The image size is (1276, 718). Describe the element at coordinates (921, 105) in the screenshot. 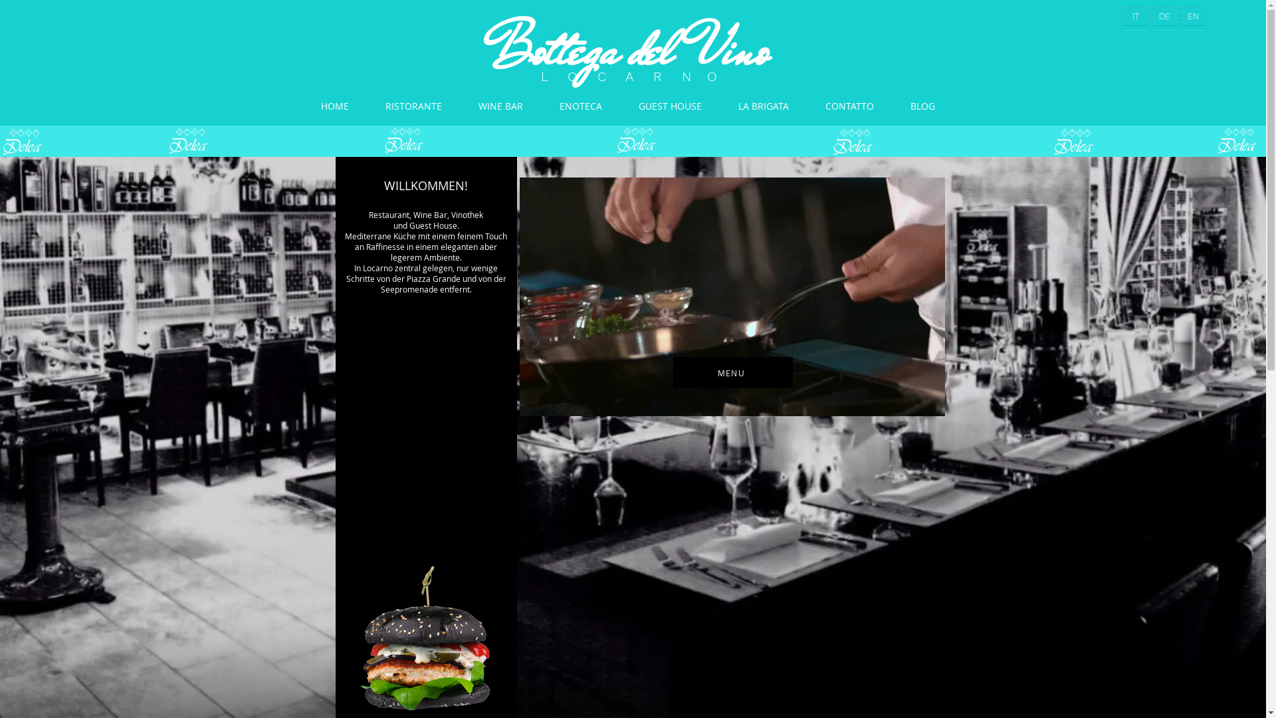

I see `'BLOG'` at that location.